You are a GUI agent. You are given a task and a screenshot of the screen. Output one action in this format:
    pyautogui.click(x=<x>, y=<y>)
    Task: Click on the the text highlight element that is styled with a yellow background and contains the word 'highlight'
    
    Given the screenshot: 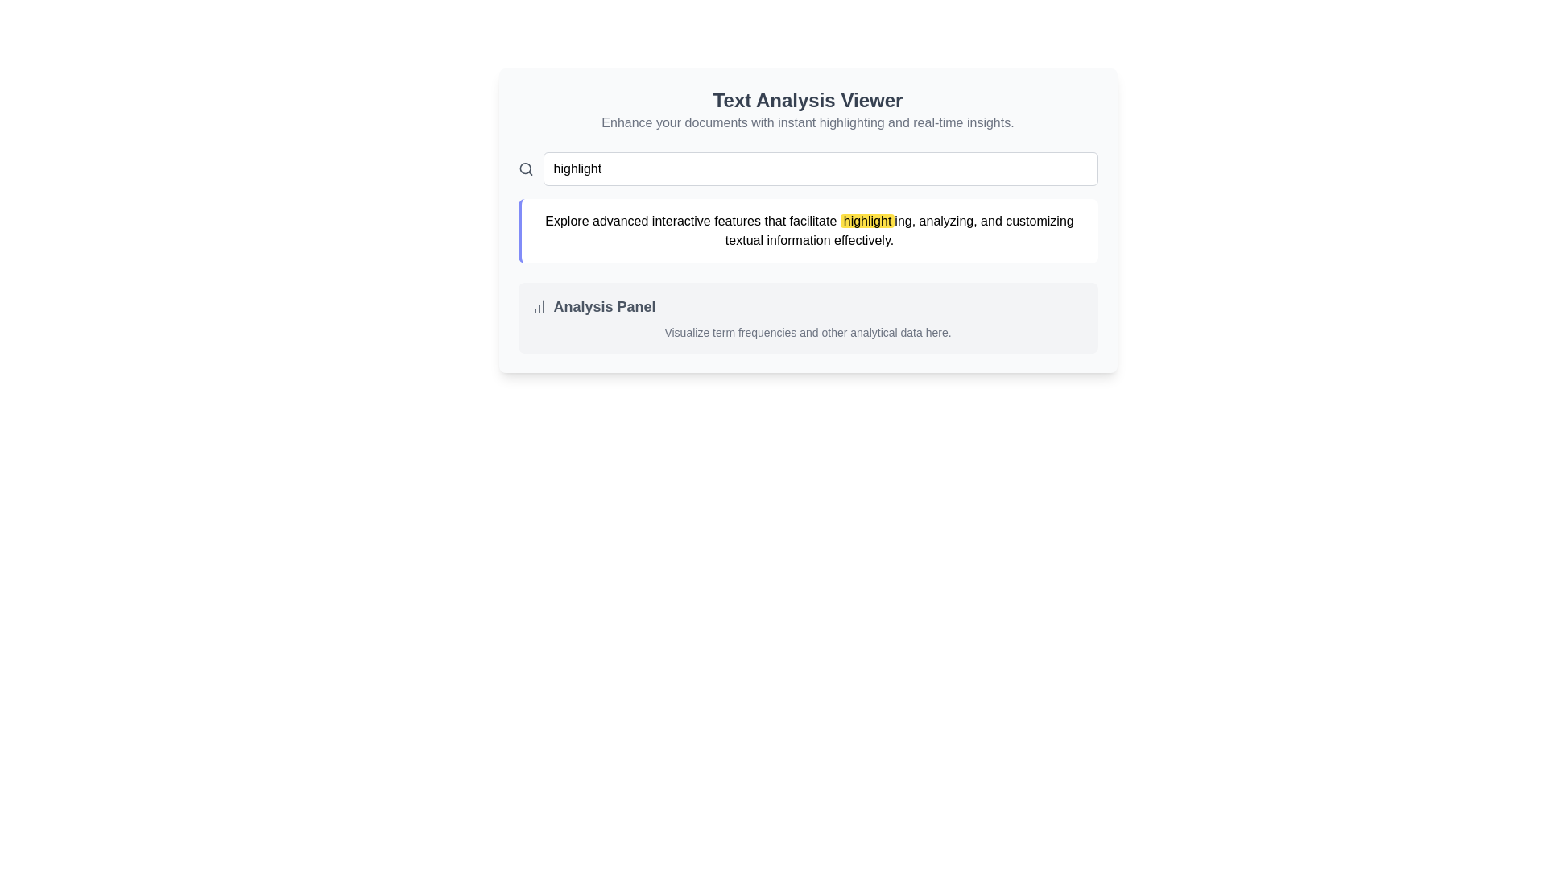 What is the action you would take?
    pyautogui.click(x=866, y=221)
    